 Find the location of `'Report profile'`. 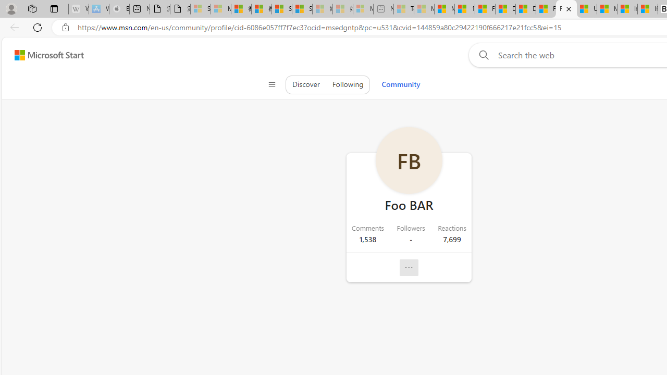

'Report profile' is located at coordinates (408, 267).